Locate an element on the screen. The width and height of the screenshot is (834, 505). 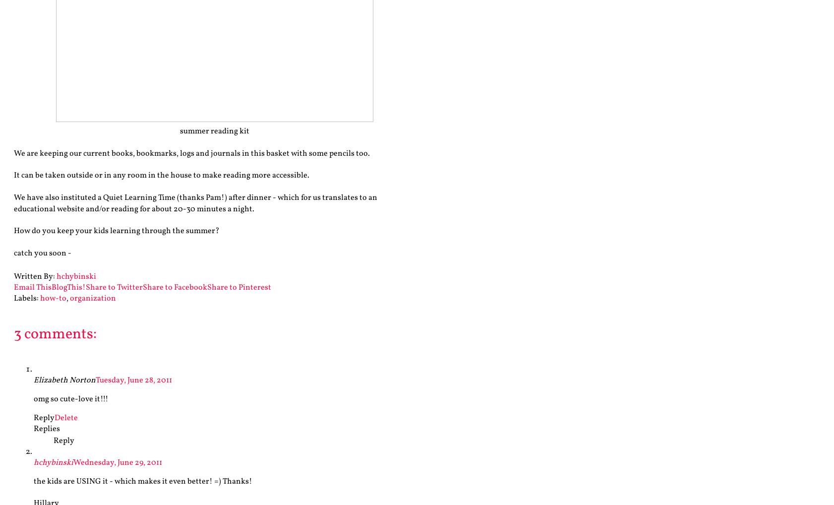
'catch you soon -' is located at coordinates (42, 253).